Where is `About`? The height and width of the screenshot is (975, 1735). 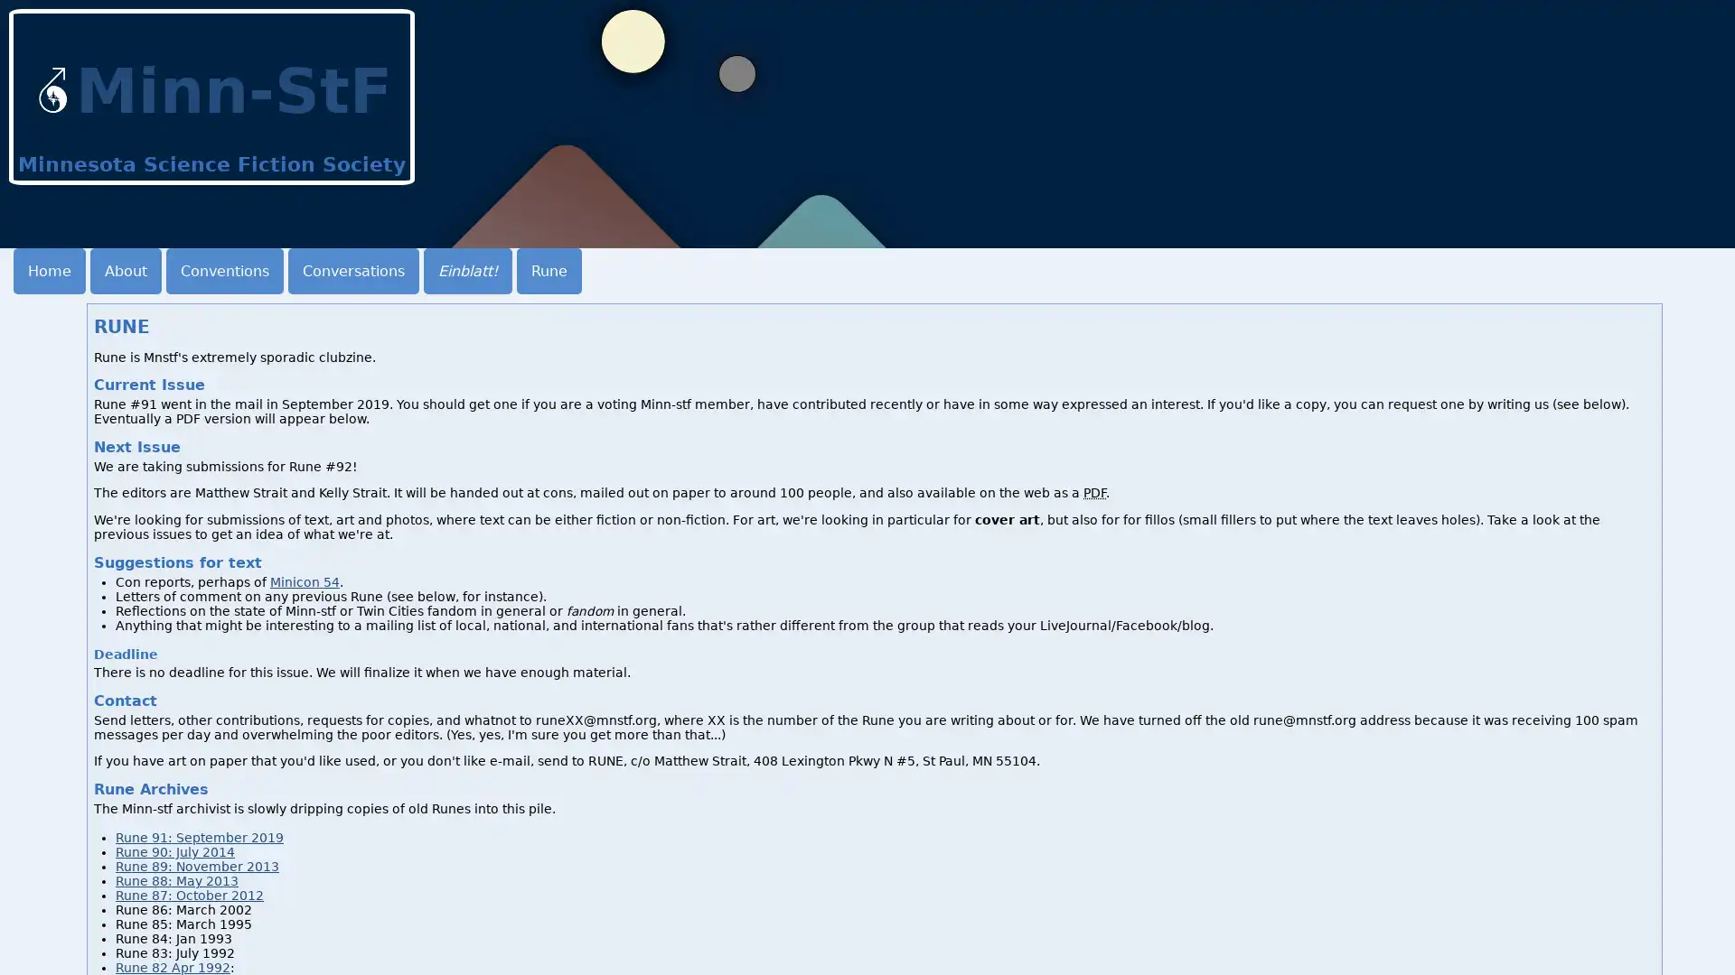
About is located at coordinates (125, 271).